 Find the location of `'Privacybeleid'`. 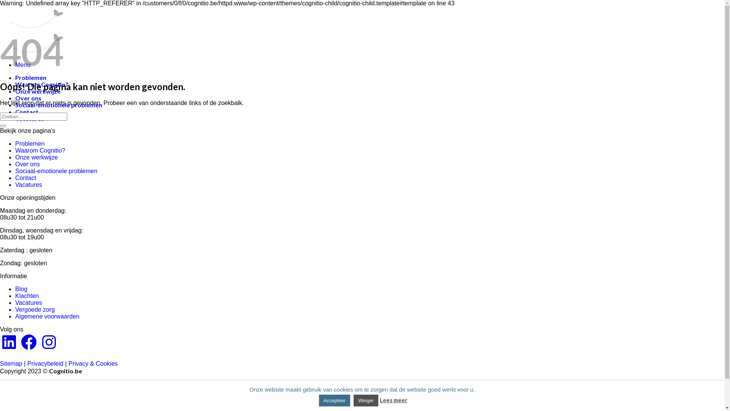

'Privacybeleid' is located at coordinates (45, 363).